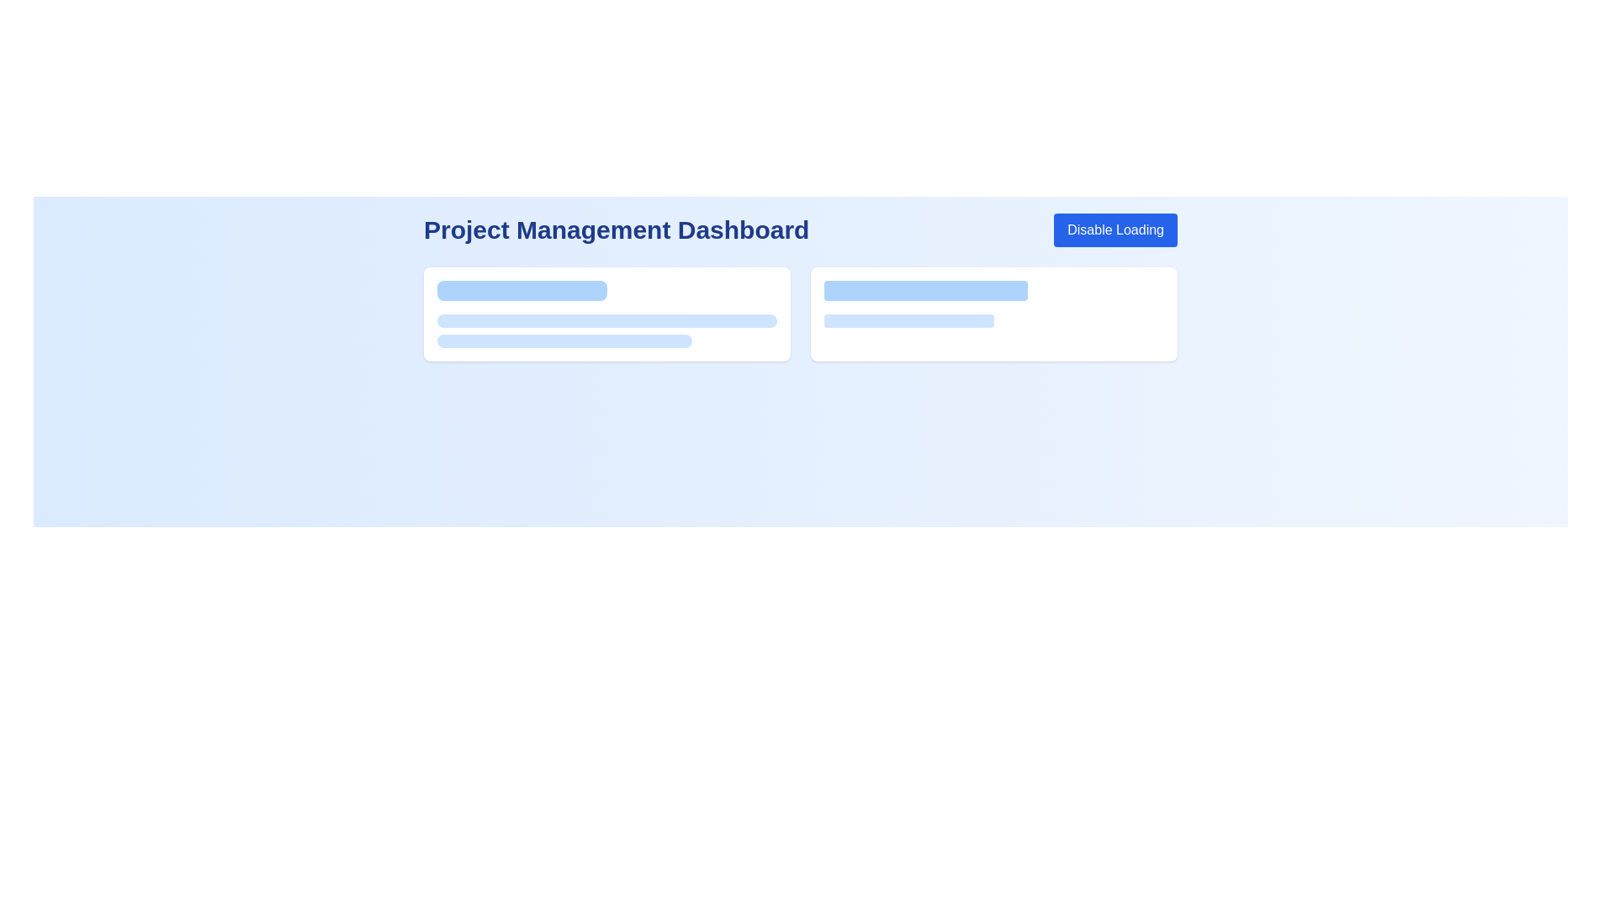  Describe the element at coordinates (606, 320) in the screenshot. I see `the Decorative bar, which is a horizontal bar with a light blue background and rounded corners, located below the header 'Project Management Dashboard'` at that location.